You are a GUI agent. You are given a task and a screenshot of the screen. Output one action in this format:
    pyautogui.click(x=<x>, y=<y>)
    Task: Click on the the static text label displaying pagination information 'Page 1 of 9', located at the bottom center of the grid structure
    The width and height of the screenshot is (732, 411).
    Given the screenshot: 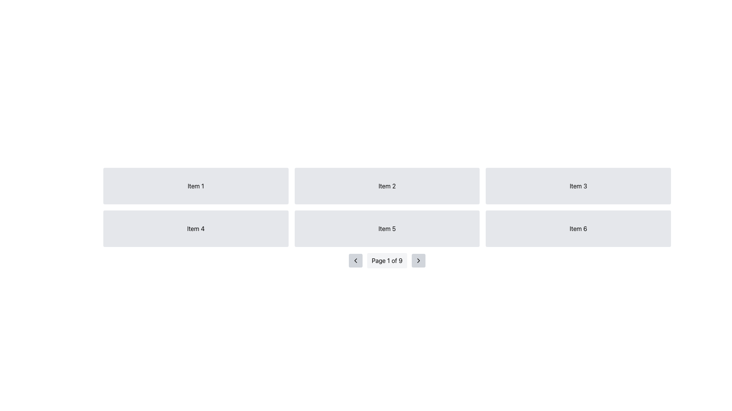 What is the action you would take?
    pyautogui.click(x=387, y=260)
    